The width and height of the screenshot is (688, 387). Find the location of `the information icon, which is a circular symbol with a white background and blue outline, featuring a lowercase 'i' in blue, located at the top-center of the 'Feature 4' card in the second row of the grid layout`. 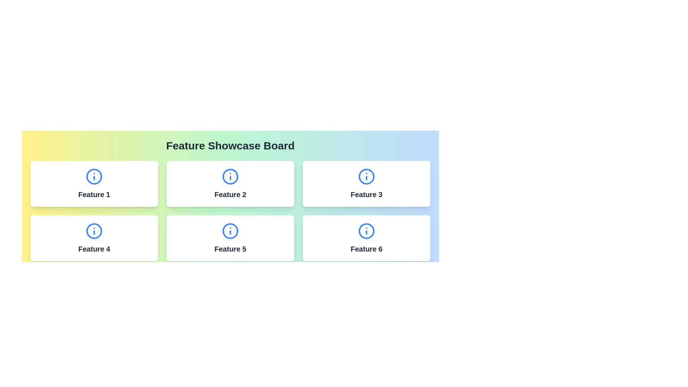

the information icon, which is a circular symbol with a white background and blue outline, featuring a lowercase 'i' in blue, located at the top-center of the 'Feature 4' card in the second row of the grid layout is located at coordinates (94, 231).